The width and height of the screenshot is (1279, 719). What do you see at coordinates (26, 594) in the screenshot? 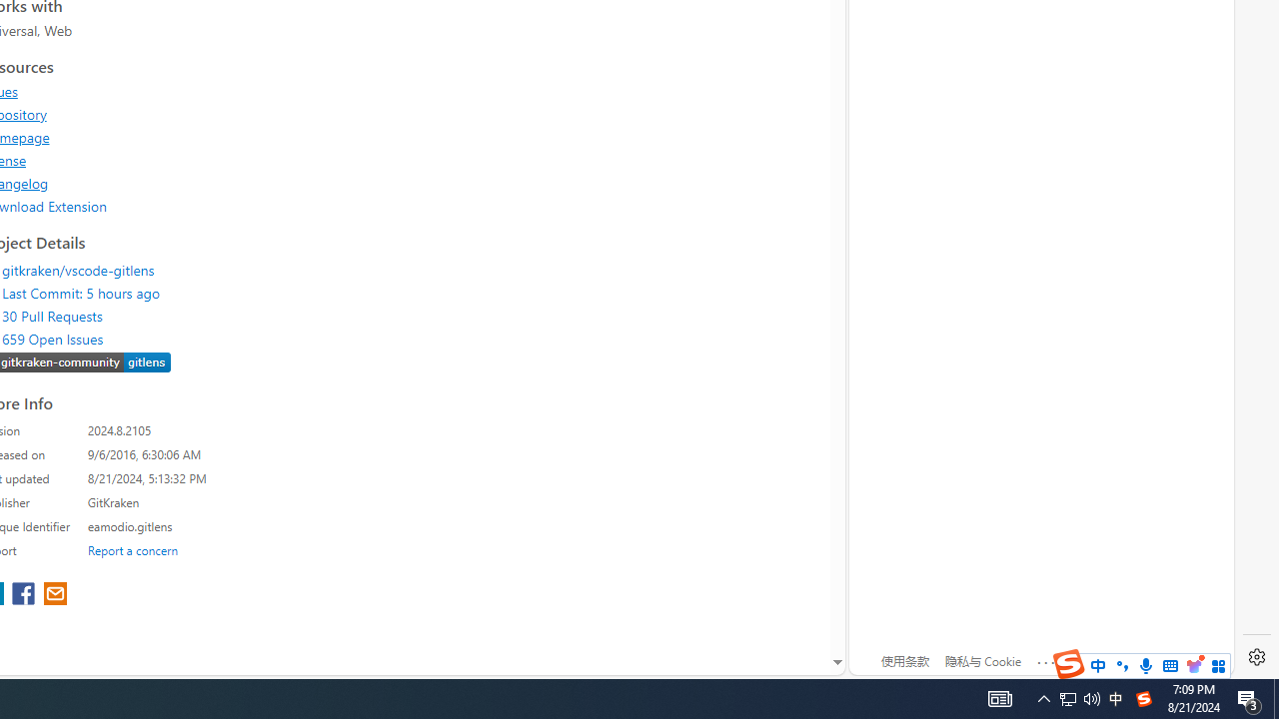
I see `'share extension on facebook'` at bounding box center [26, 594].